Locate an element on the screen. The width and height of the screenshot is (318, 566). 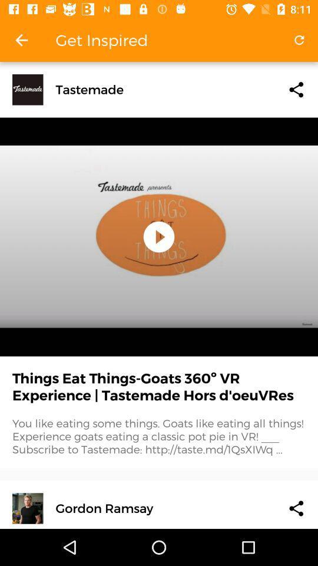
share video is located at coordinates (296, 508).